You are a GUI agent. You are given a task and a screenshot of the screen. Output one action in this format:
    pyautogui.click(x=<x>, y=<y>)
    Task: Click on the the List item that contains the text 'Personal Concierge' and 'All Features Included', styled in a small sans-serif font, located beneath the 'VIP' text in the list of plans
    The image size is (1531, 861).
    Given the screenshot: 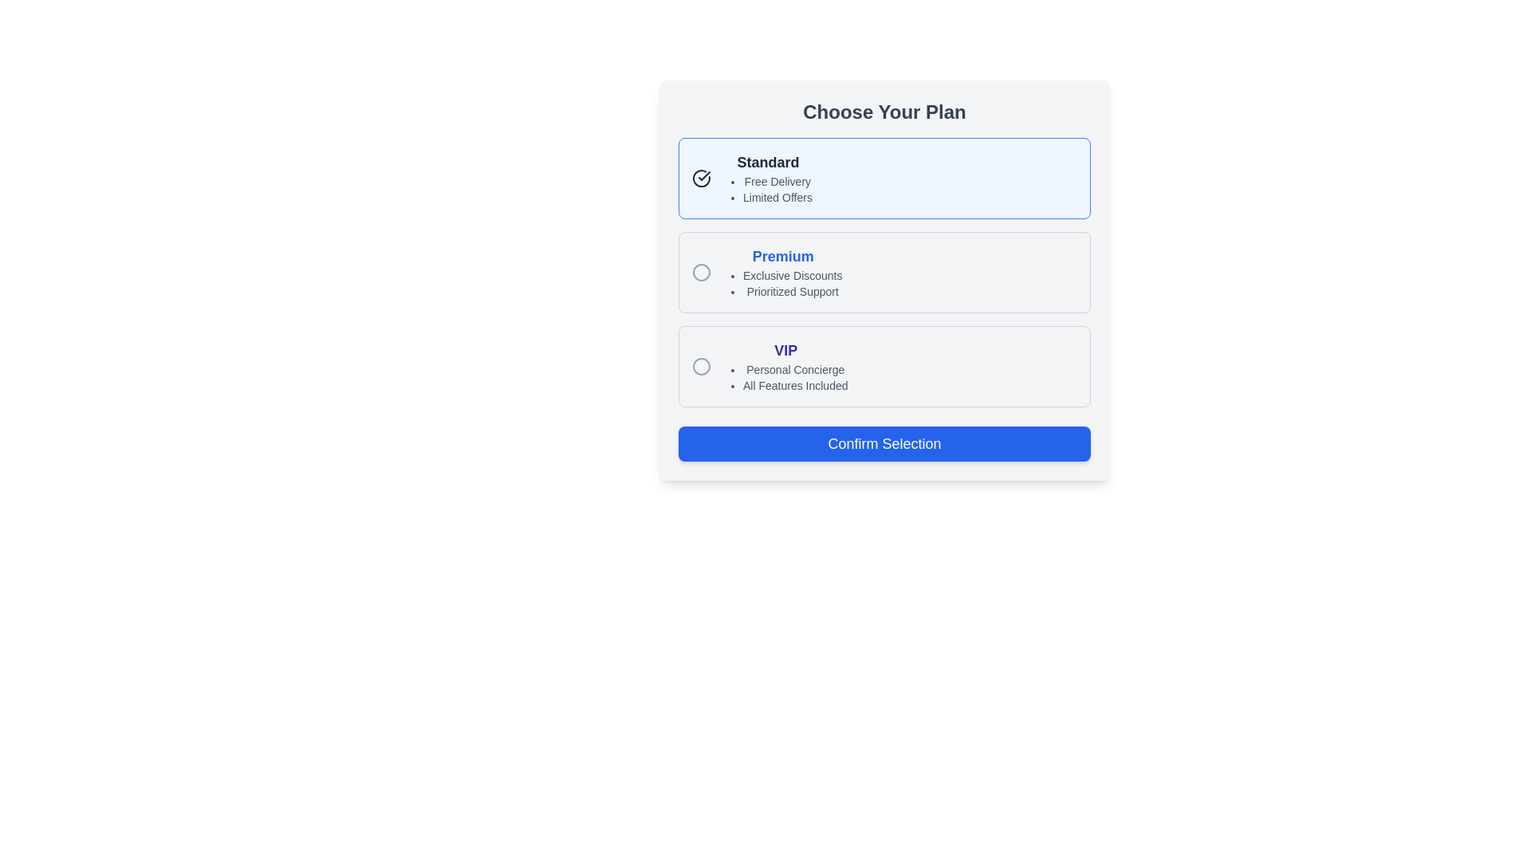 What is the action you would take?
    pyautogui.click(x=795, y=378)
    